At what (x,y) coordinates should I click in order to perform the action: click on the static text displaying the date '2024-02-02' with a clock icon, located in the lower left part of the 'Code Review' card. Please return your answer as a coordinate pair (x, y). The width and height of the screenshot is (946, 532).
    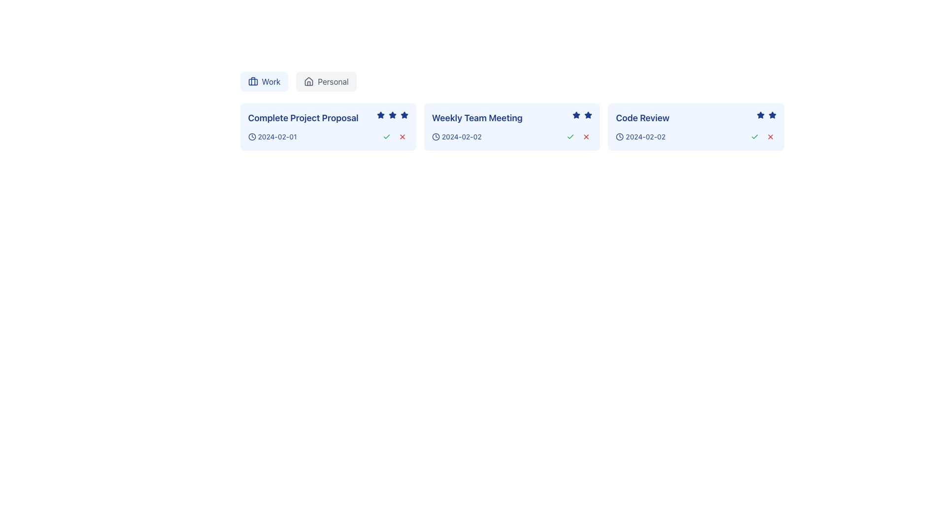
    Looking at the image, I should click on (641, 136).